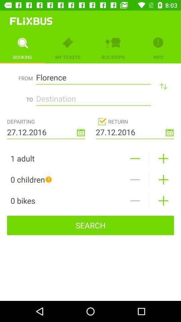 The width and height of the screenshot is (181, 322). I want to click on remove item, so click(135, 179).